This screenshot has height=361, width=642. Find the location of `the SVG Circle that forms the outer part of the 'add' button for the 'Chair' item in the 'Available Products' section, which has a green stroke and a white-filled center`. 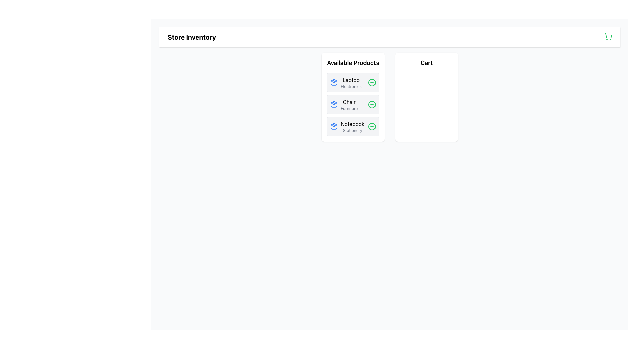

the SVG Circle that forms the outer part of the 'add' button for the 'Chair' item in the 'Available Products' section, which has a green stroke and a white-filled center is located at coordinates (372, 104).